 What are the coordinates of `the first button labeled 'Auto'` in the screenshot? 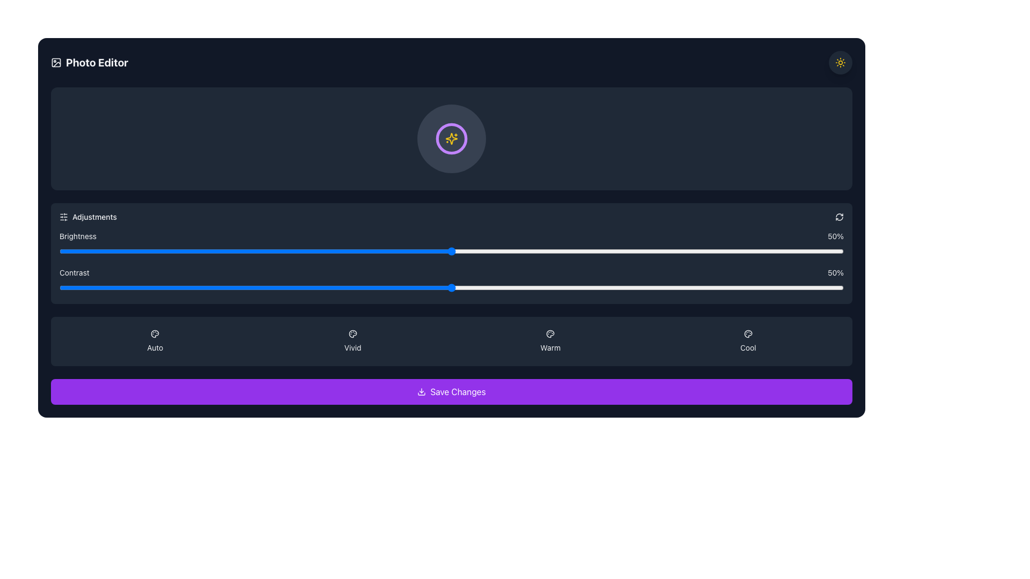 It's located at (154, 341).